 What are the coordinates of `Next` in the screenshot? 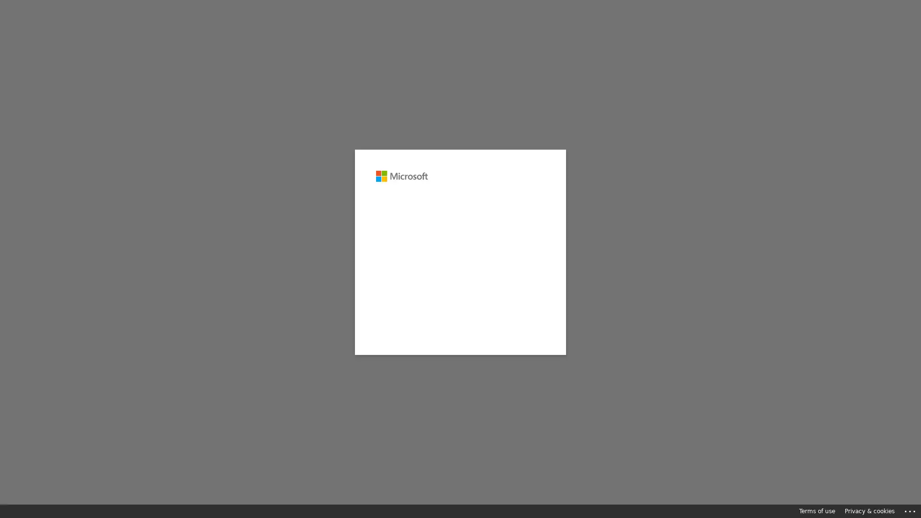 It's located at (518, 242).